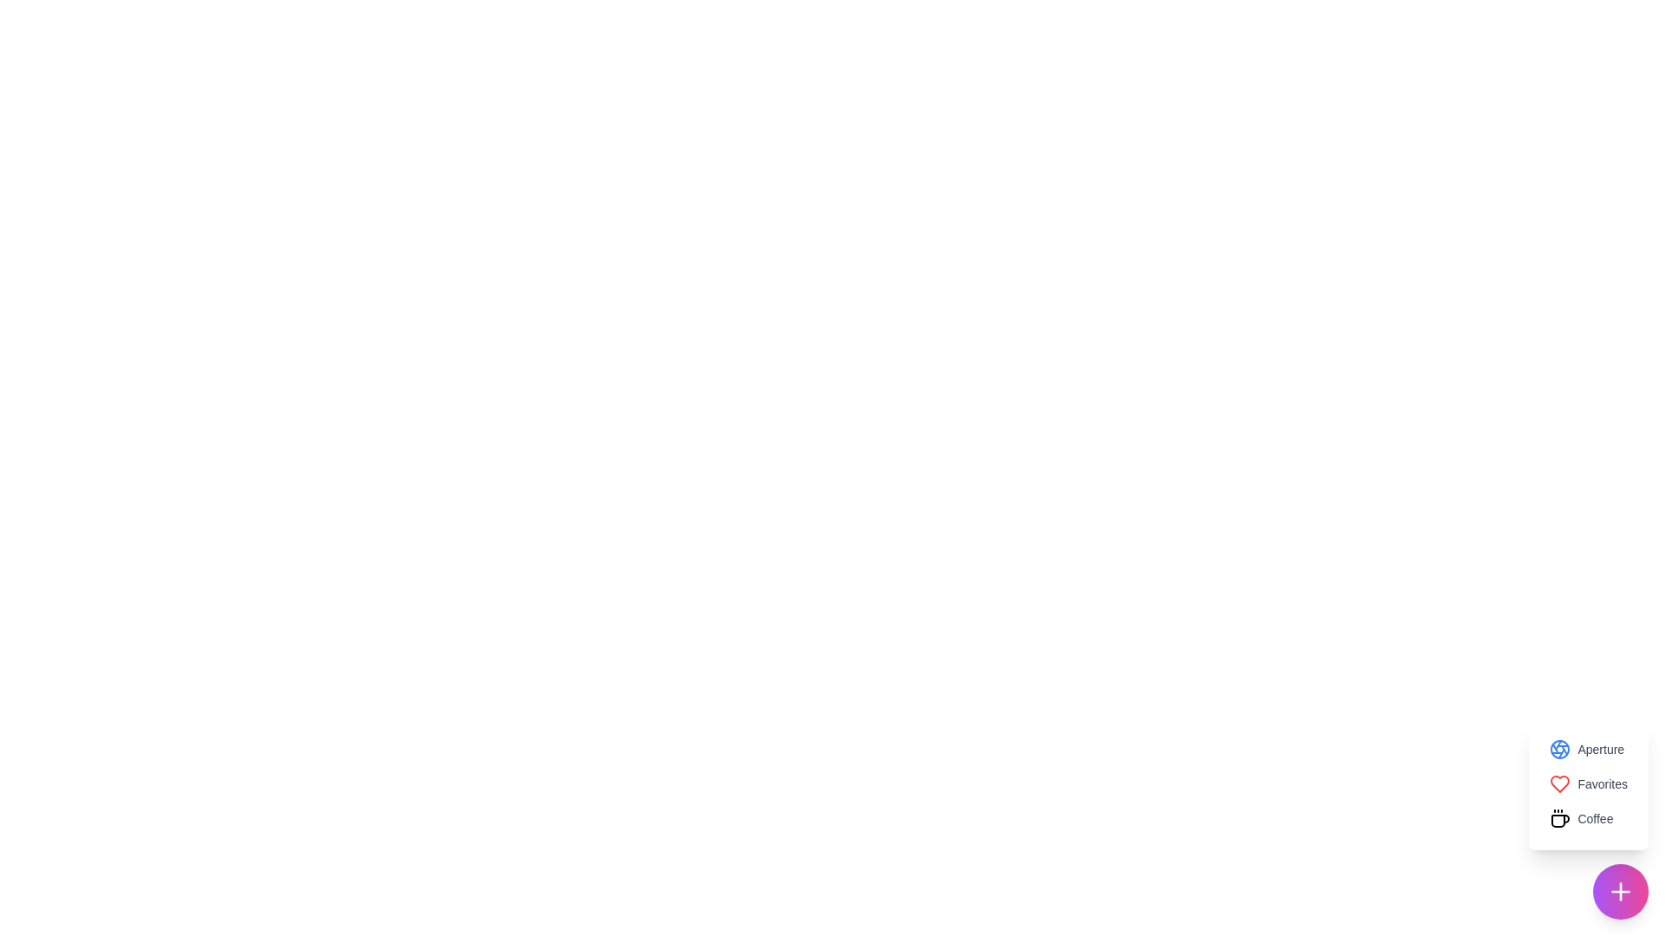 The image size is (1666, 937). I want to click on the toggle button to open or close the SpeedDial menu, so click(1619, 892).